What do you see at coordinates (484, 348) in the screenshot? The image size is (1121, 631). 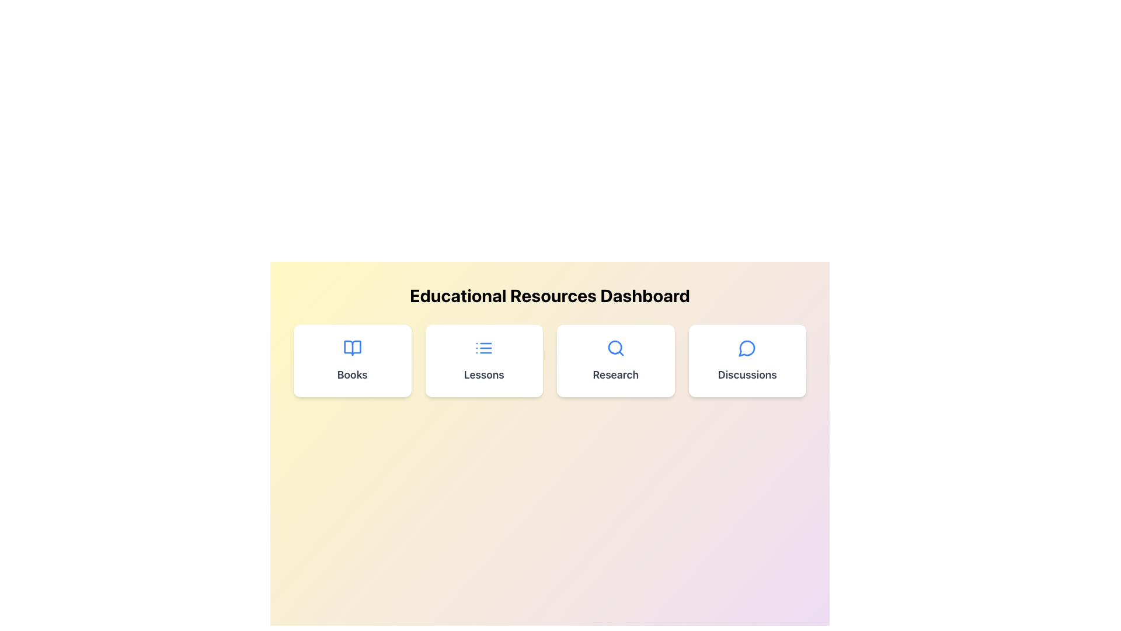 I see `the blue lined SVG icon resembling a list, located above the 'Lessons' label in the second card of the Educational Resources Dashboard` at bounding box center [484, 348].